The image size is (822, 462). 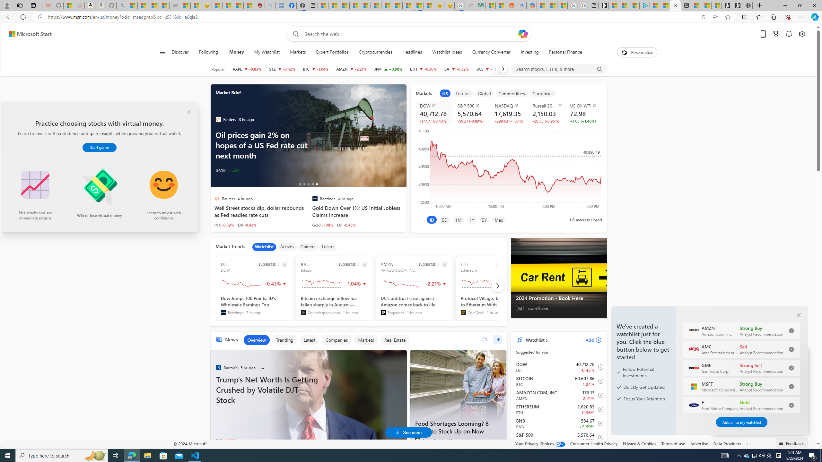 What do you see at coordinates (534, 339) in the screenshot?
I see `'Watchlist'` at bounding box center [534, 339].